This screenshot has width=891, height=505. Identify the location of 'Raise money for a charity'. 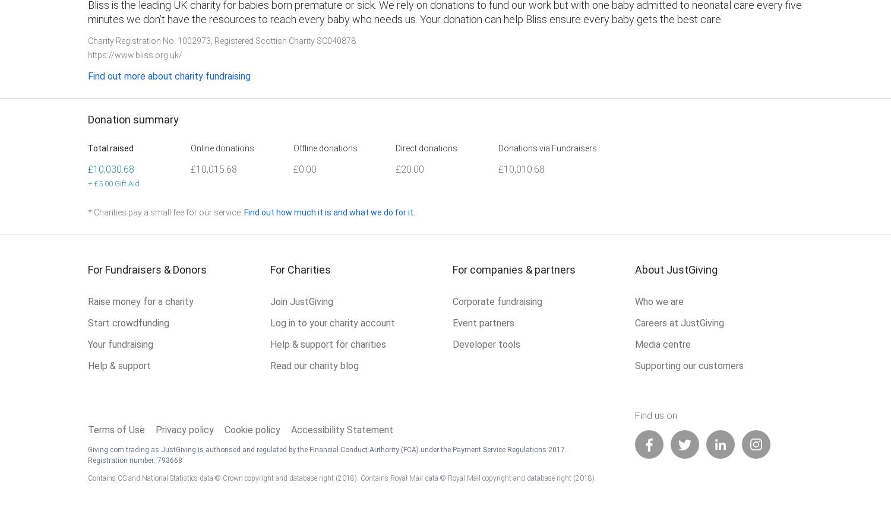
(140, 301).